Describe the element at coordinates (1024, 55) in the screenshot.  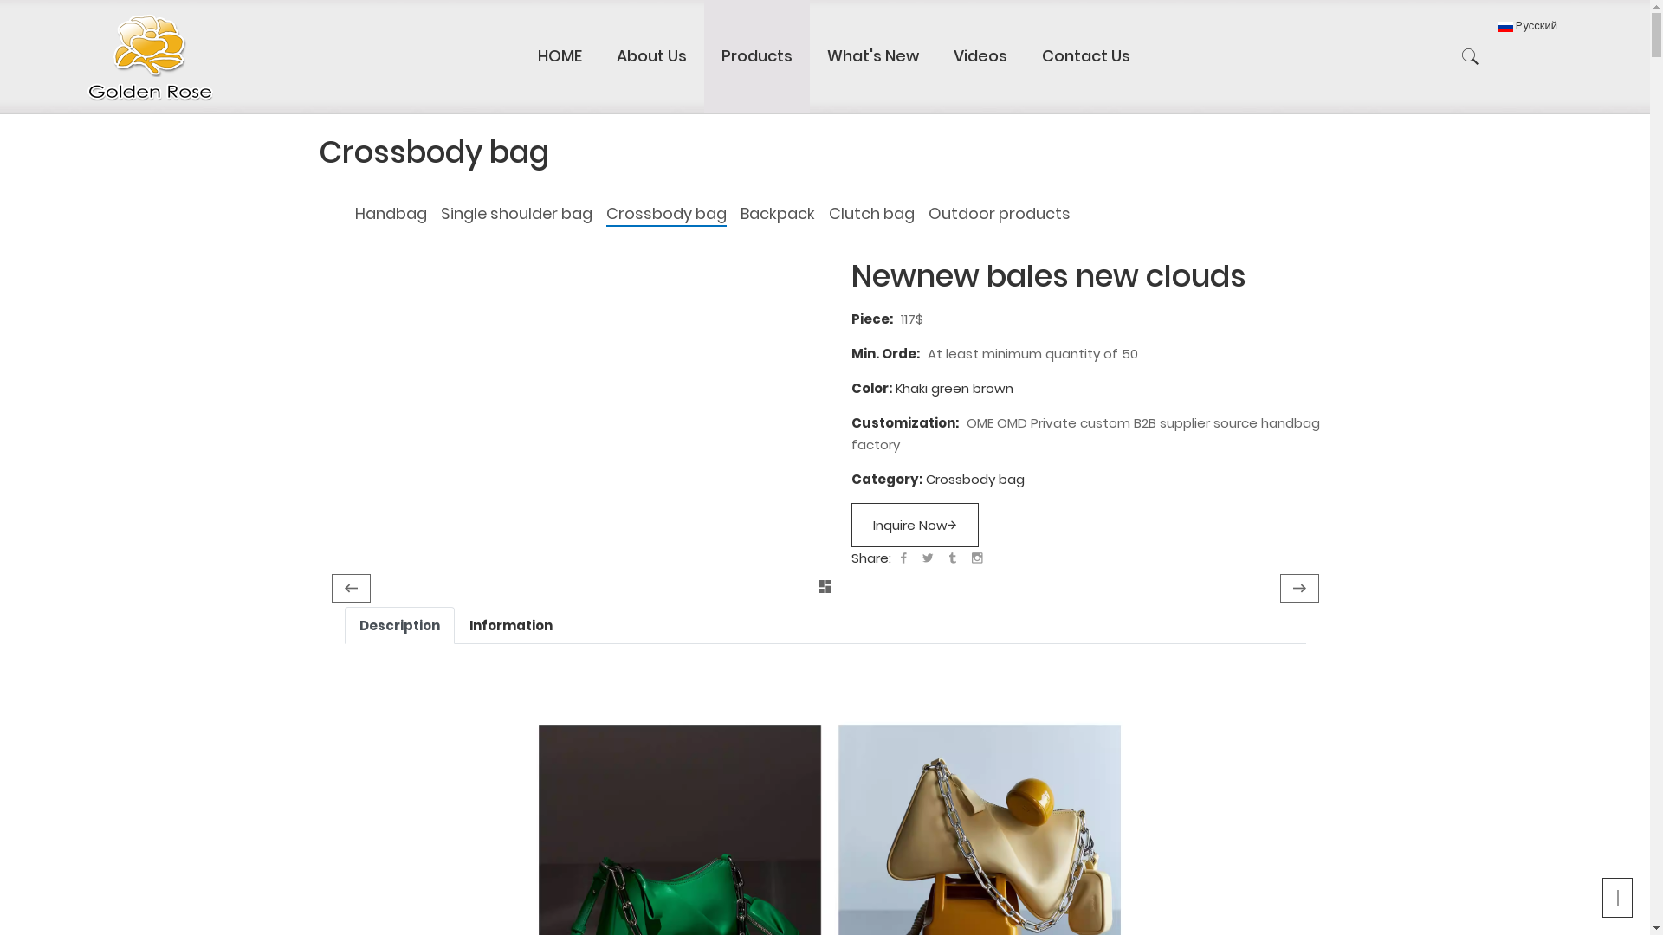
I see `'Contact Us'` at that location.